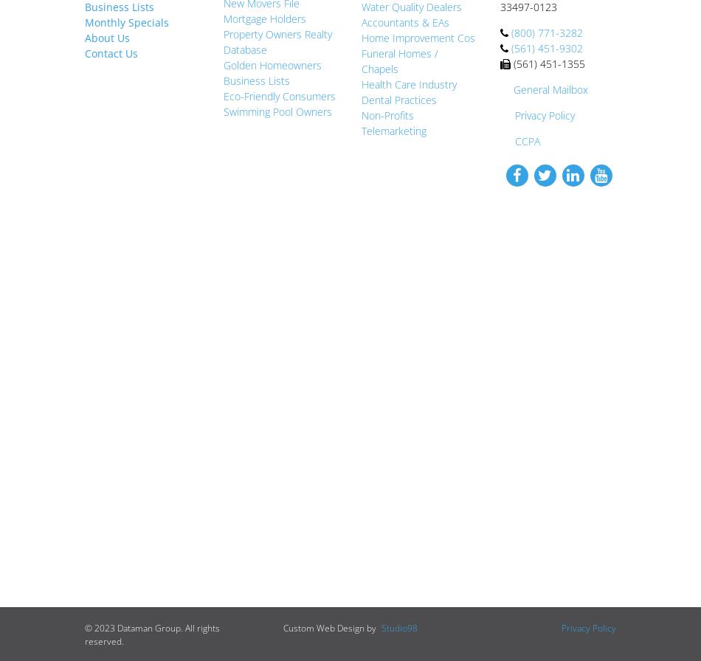 This screenshot has height=661, width=701. Describe the element at coordinates (271, 64) in the screenshot. I see `'Golden Homeowners'` at that location.